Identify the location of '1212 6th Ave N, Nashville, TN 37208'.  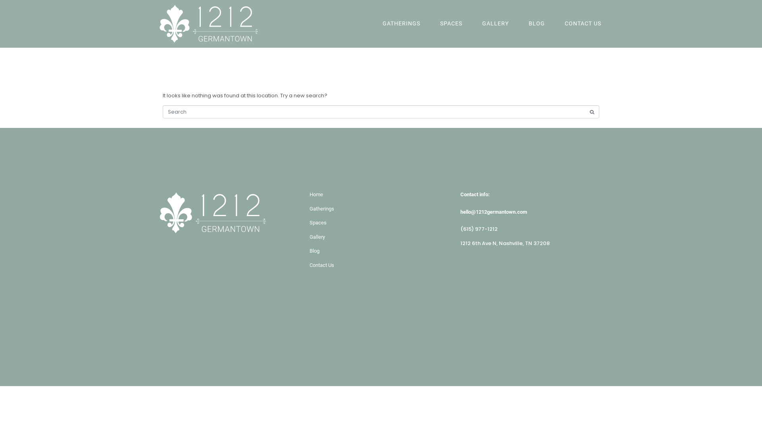
(504, 243).